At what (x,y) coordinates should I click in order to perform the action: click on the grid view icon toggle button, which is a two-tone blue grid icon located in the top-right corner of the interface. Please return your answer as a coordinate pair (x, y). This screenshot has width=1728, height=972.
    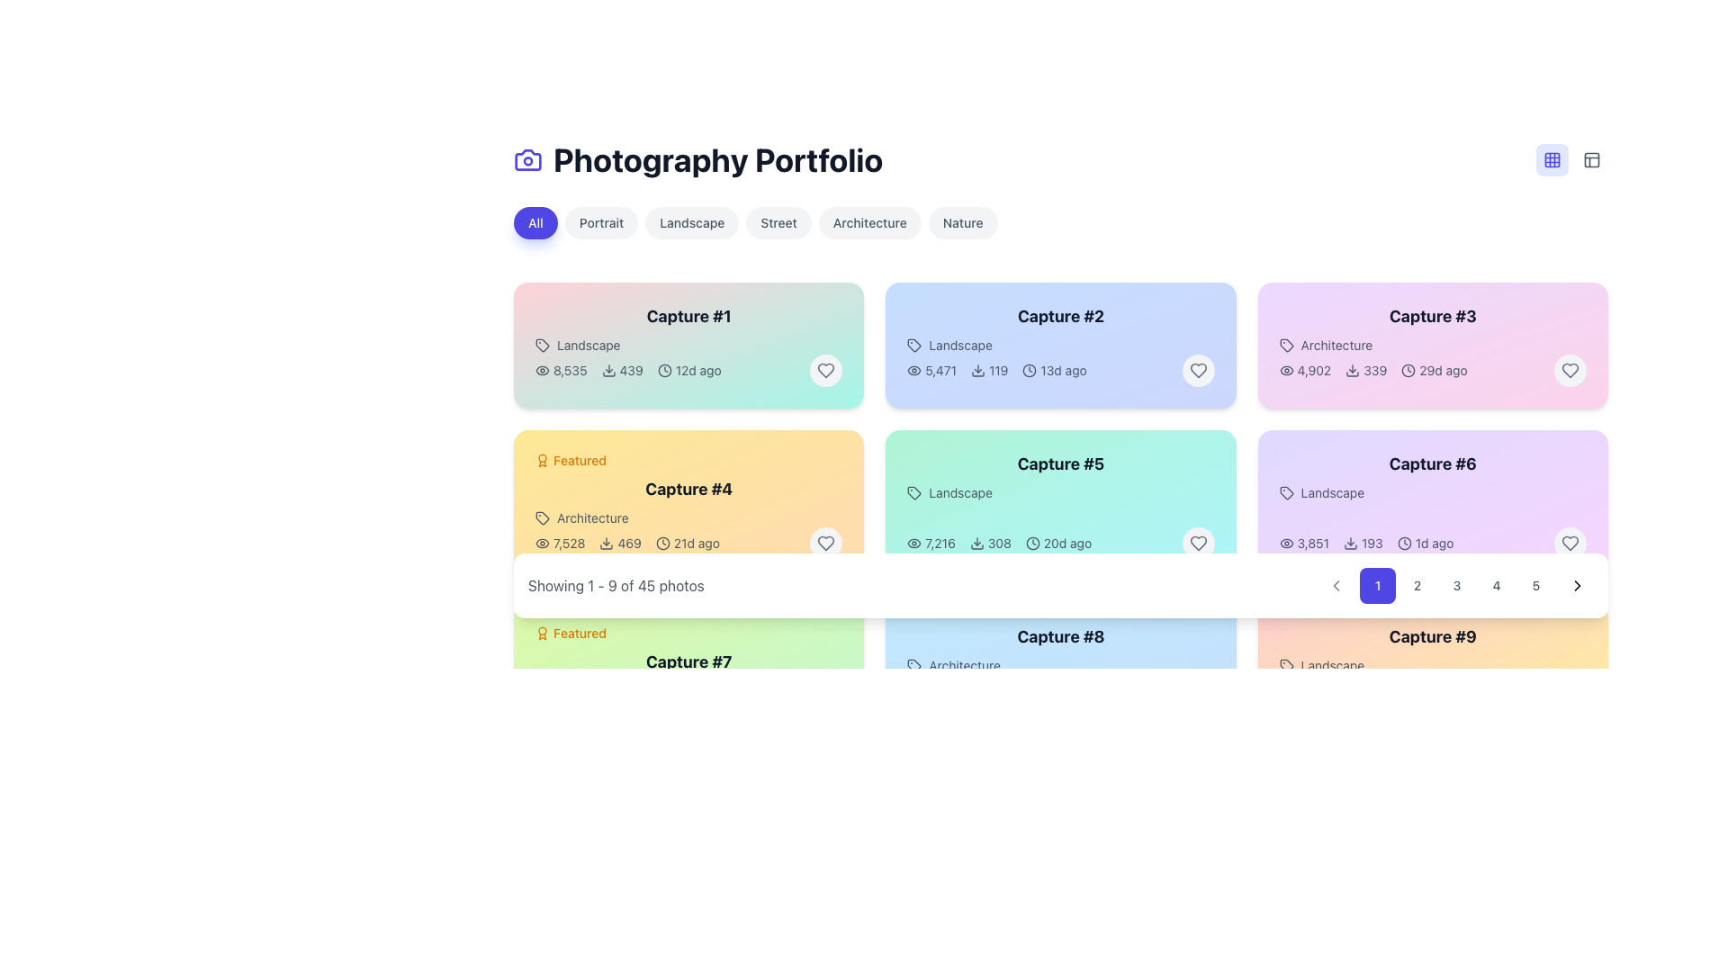
    Looking at the image, I should click on (1551, 158).